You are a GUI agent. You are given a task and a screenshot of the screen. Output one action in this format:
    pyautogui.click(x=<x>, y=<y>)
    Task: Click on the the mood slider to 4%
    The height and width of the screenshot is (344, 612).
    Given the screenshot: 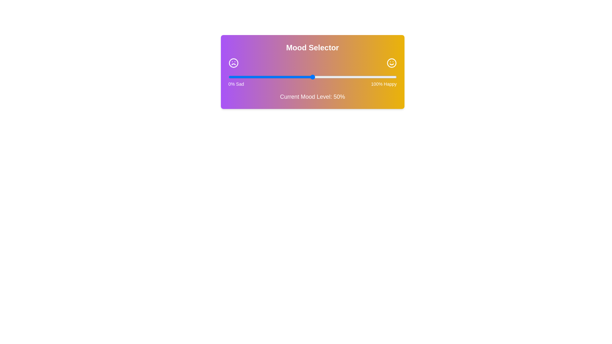 What is the action you would take?
    pyautogui.click(x=235, y=77)
    